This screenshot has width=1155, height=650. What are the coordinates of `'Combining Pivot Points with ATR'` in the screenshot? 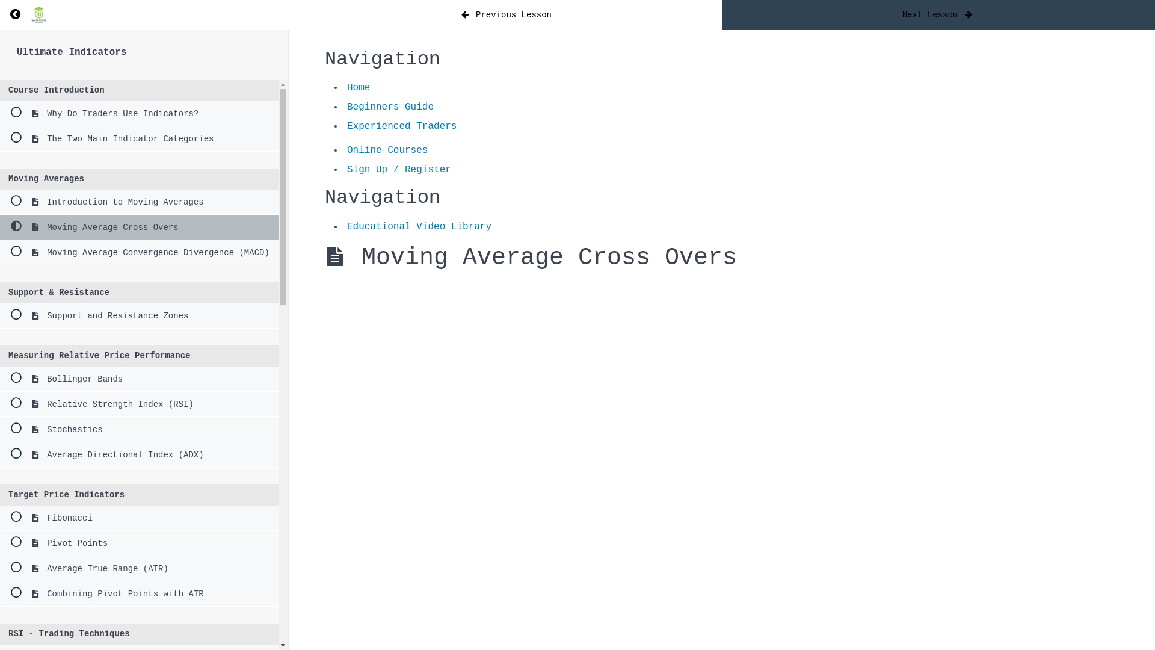 It's located at (139, 593).